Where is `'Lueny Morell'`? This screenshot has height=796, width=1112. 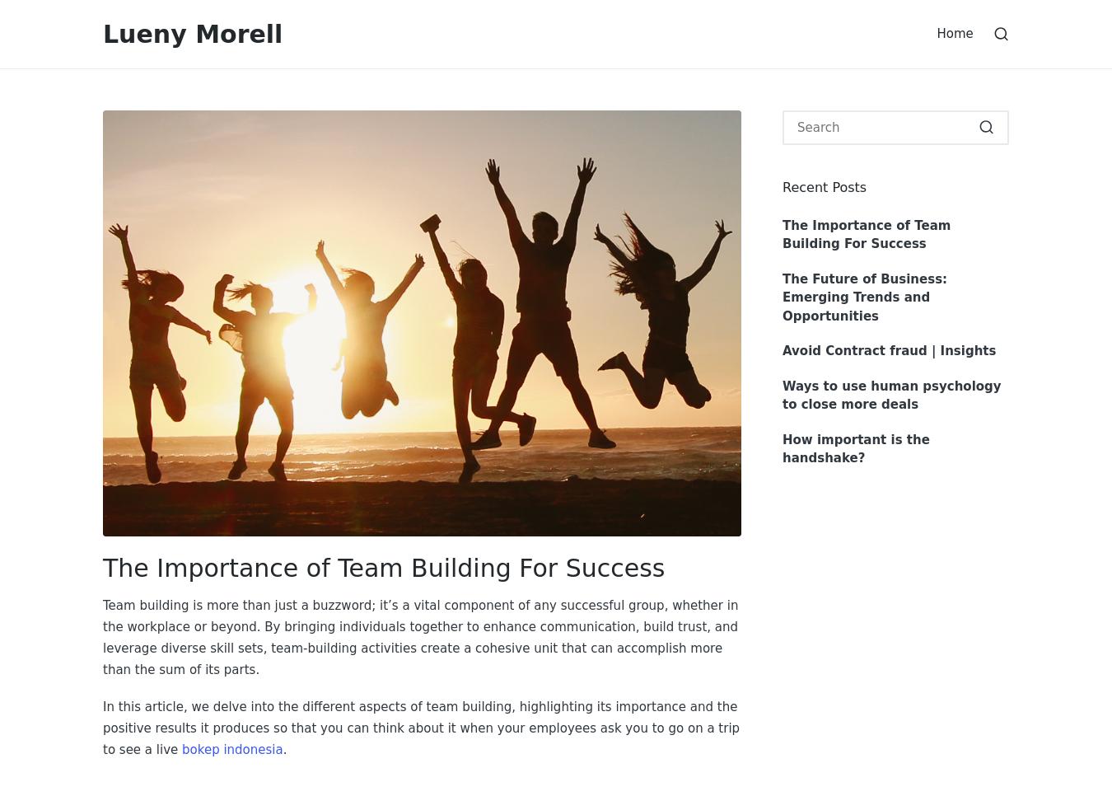 'Lueny Morell' is located at coordinates (191, 34).